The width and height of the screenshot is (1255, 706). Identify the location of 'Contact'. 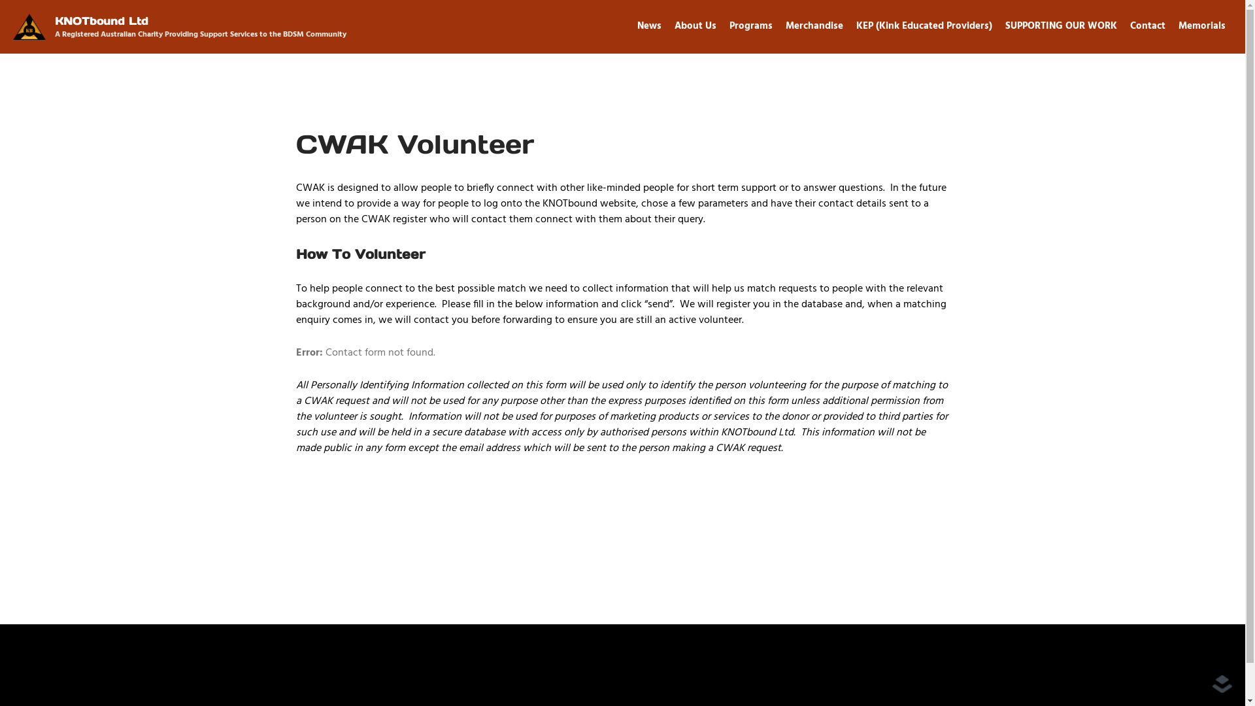
(1147, 25).